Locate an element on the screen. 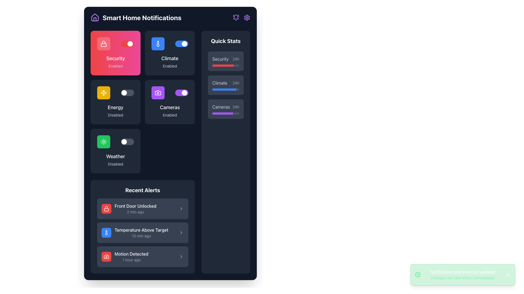  the 'Security 24h' progress bar located in the 'Quick Stats' section, which is positioned below the 'Security 24h' title is located at coordinates (226, 65).